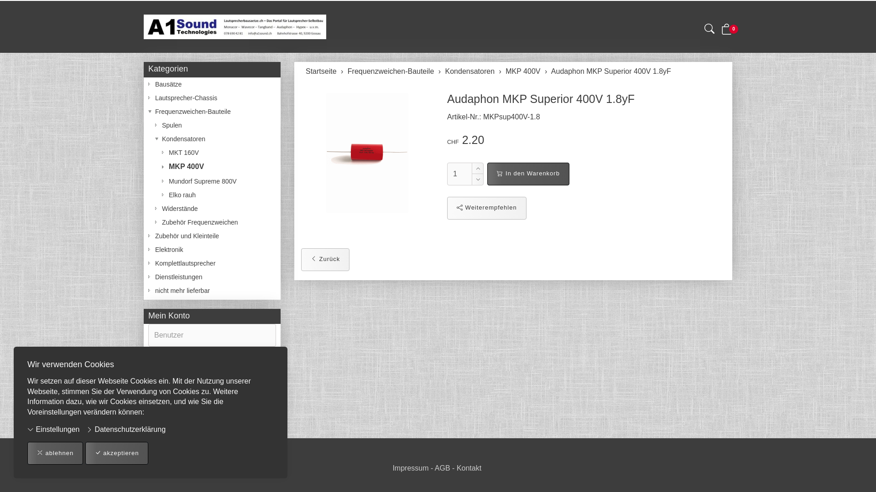 This screenshot has height=492, width=876. What do you see at coordinates (459, 174) in the screenshot?
I see `'Menge'` at bounding box center [459, 174].